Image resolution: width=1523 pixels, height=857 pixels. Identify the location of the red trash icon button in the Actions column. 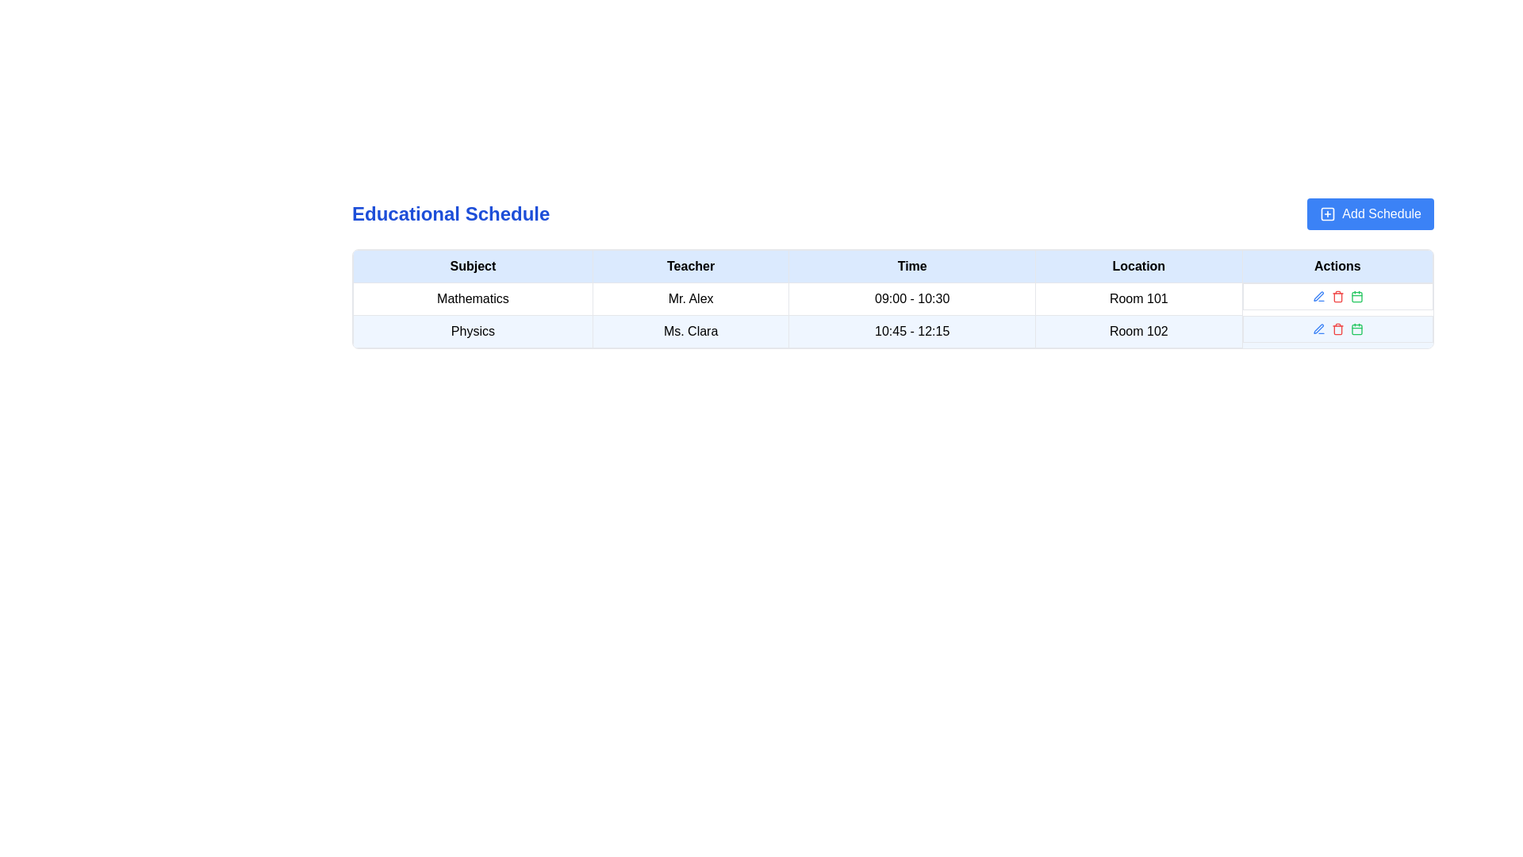
(1337, 328).